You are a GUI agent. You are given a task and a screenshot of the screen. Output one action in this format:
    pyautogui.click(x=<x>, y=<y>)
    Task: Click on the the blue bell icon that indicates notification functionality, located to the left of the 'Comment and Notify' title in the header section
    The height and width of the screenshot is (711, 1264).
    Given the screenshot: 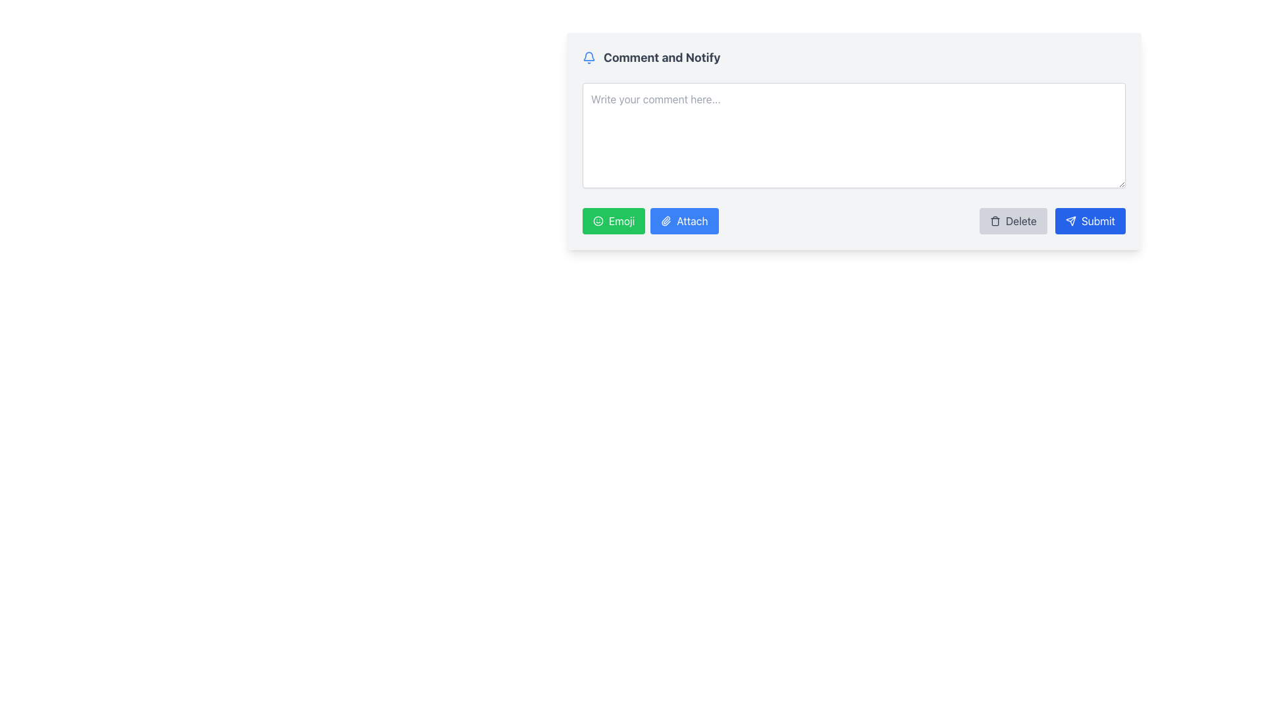 What is the action you would take?
    pyautogui.click(x=588, y=57)
    